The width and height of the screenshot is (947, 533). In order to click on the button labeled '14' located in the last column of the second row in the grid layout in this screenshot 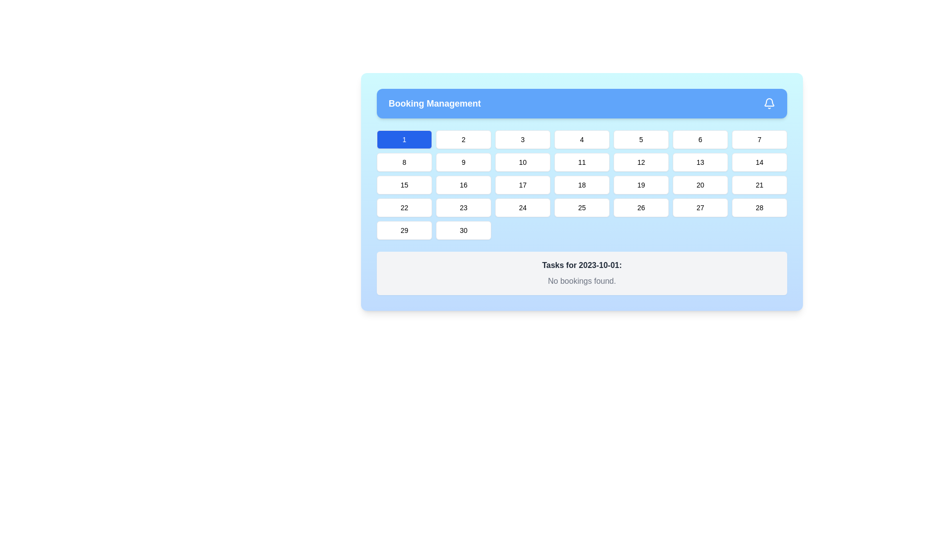, I will do `click(759, 161)`.